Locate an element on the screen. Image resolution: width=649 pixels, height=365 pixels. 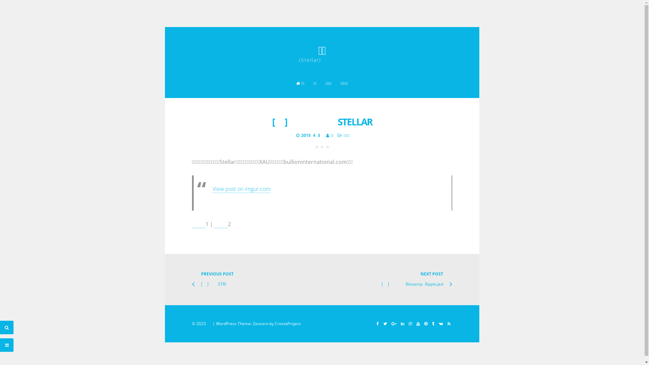
'Tumblr' is located at coordinates (433, 323).